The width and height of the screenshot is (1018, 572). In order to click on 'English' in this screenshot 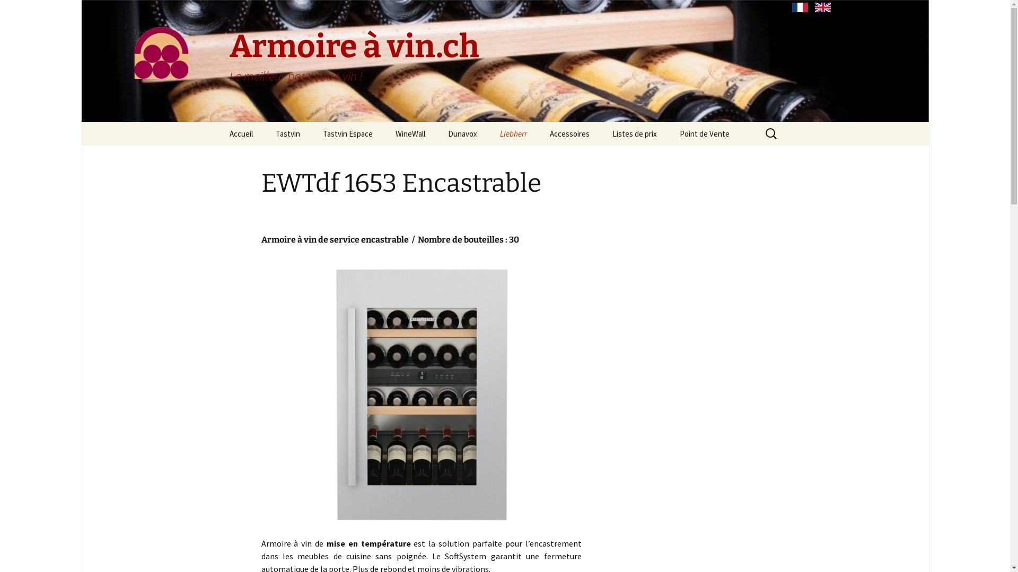, I will do `click(814, 7)`.